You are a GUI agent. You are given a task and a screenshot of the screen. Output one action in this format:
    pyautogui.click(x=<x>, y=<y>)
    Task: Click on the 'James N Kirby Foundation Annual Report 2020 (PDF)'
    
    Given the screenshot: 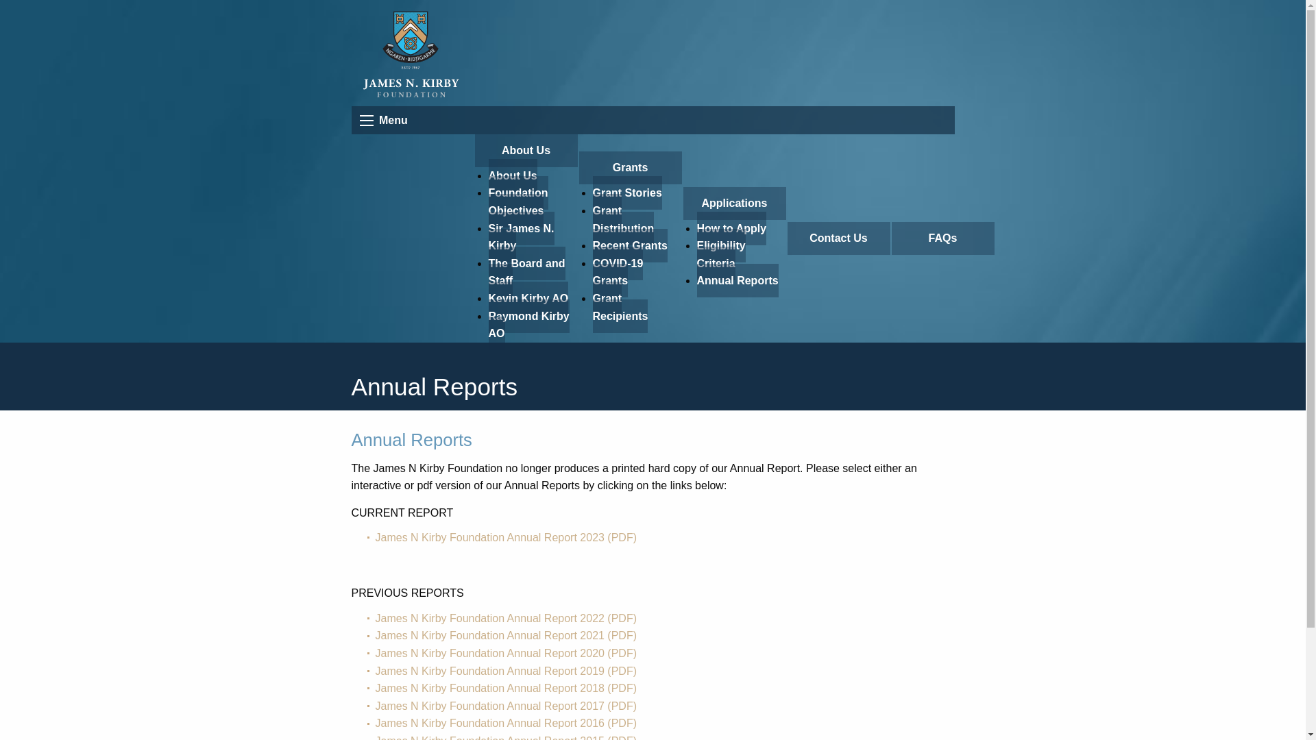 What is the action you would take?
    pyautogui.click(x=506, y=652)
    